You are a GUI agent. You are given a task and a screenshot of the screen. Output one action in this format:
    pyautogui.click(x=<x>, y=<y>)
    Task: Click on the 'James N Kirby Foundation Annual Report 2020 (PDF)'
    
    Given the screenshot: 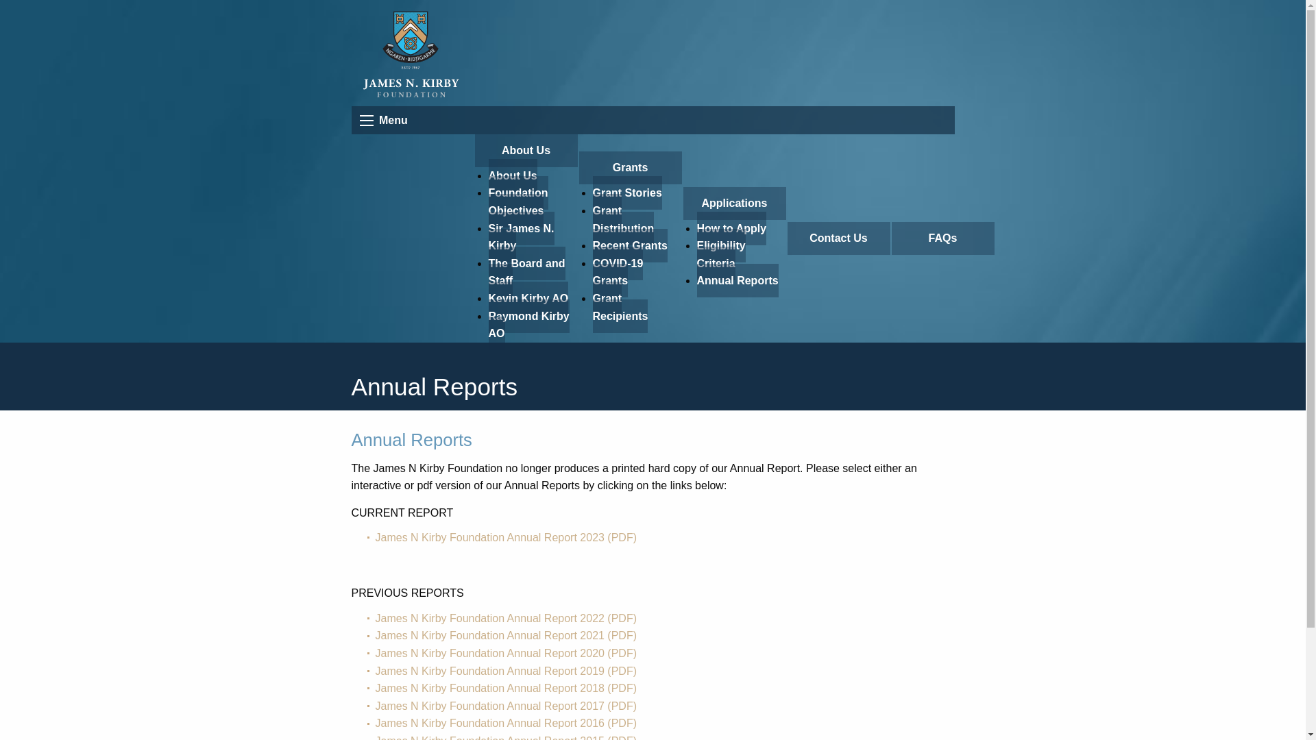 What is the action you would take?
    pyautogui.click(x=506, y=652)
    